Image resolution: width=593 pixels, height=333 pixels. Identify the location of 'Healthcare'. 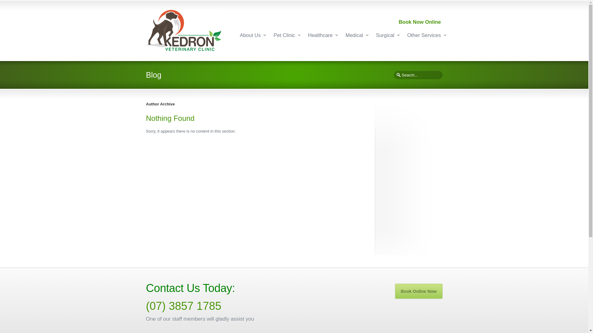
(320, 35).